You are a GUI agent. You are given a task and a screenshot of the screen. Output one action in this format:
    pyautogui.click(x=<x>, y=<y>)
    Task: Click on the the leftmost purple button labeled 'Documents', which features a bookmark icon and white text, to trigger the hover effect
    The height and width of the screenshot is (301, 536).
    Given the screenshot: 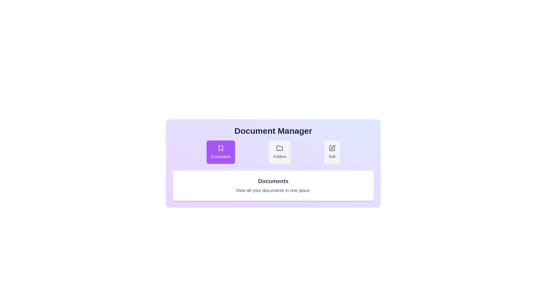 What is the action you would take?
    pyautogui.click(x=221, y=152)
    